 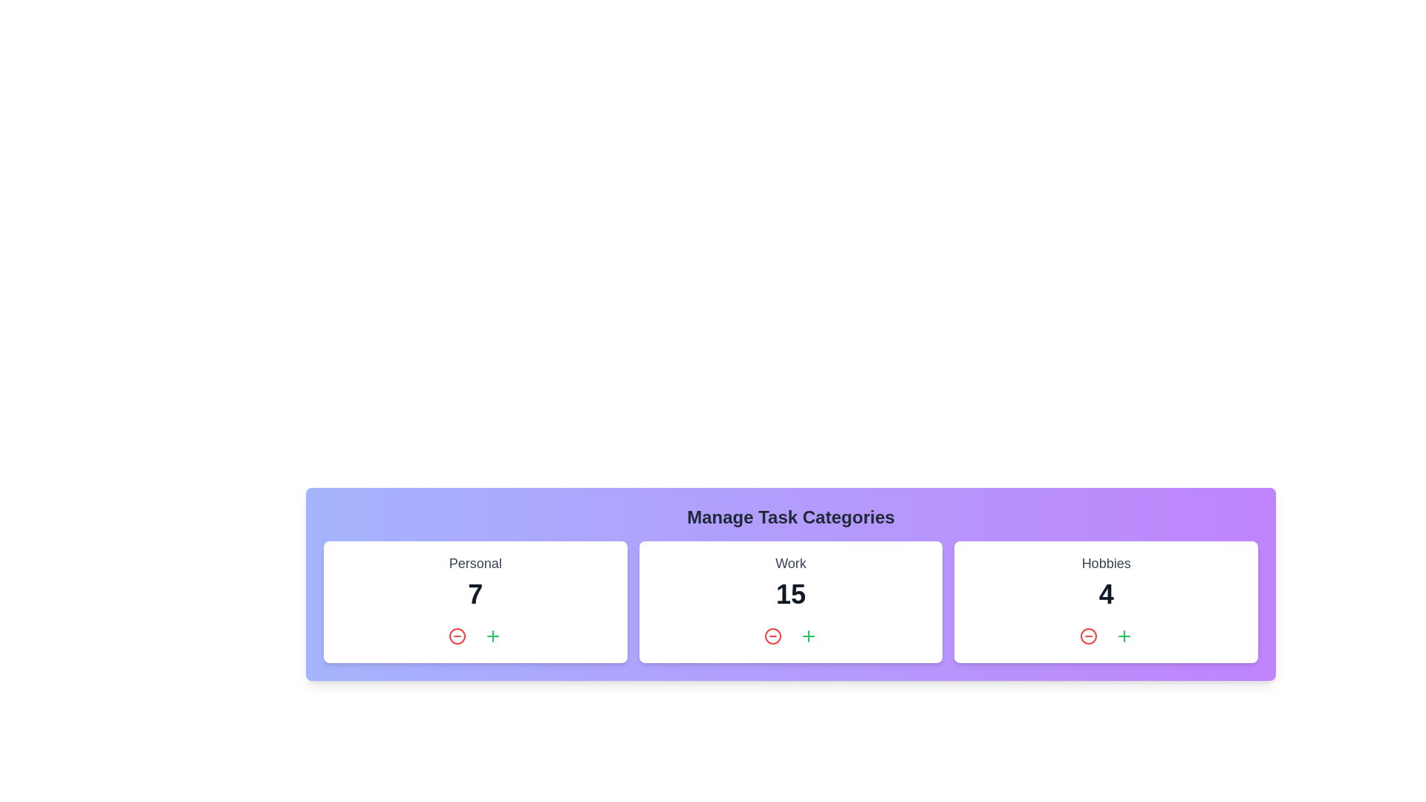 What do you see at coordinates (790, 594) in the screenshot?
I see `the '15' task count of the 'Work' category` at bounding box center [790, 594].